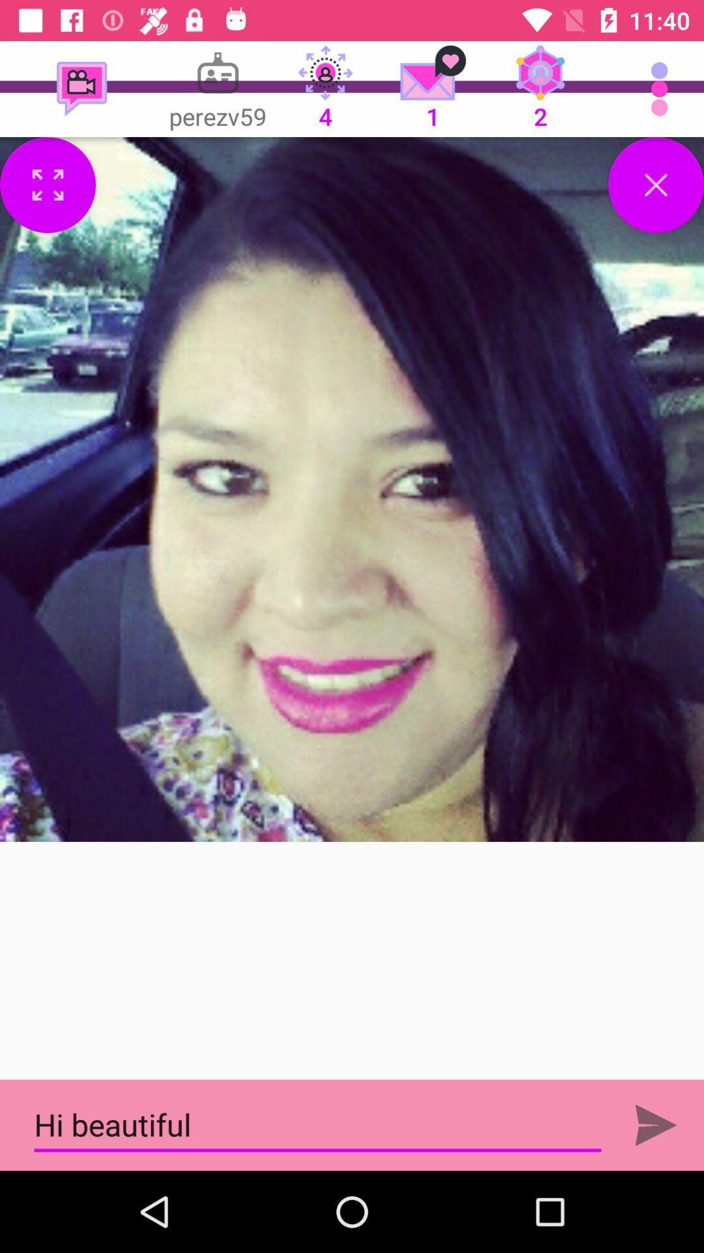 Image resolution: width=704 pixels, height=1253 pixels. Describe the element at coordinates (656, 1124) in the screenshot. I see `go next` at that location.